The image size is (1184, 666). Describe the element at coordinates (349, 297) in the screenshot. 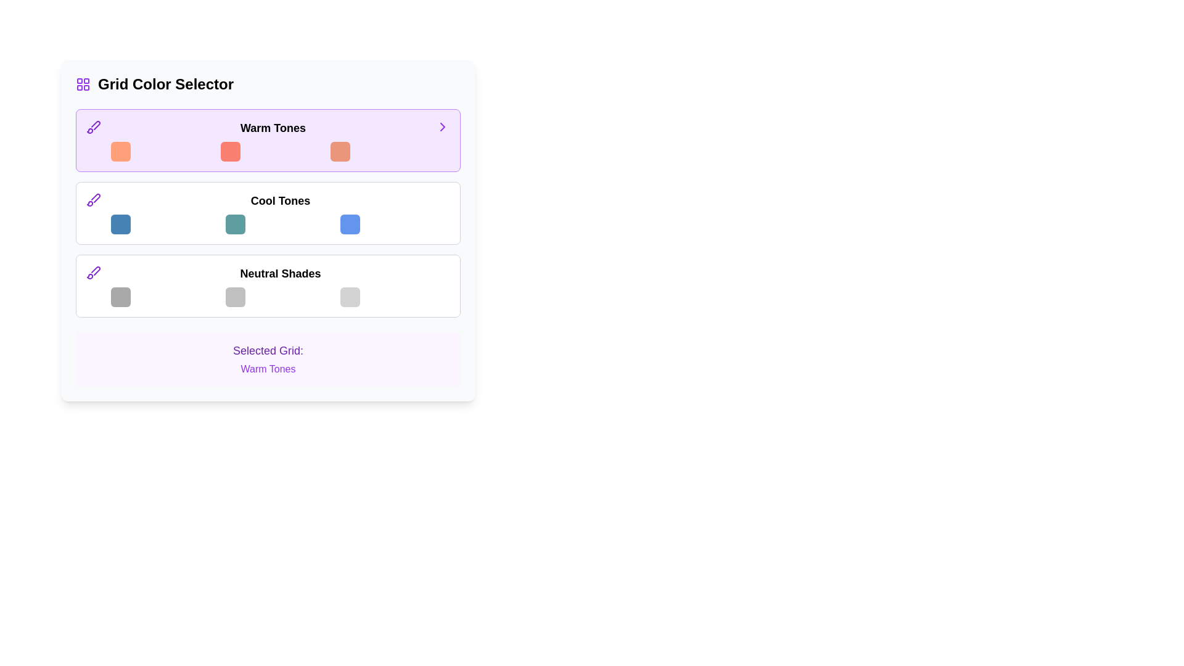

I see `the selectable color option located in the third position of the 'Neutral Shades' row` at that location.